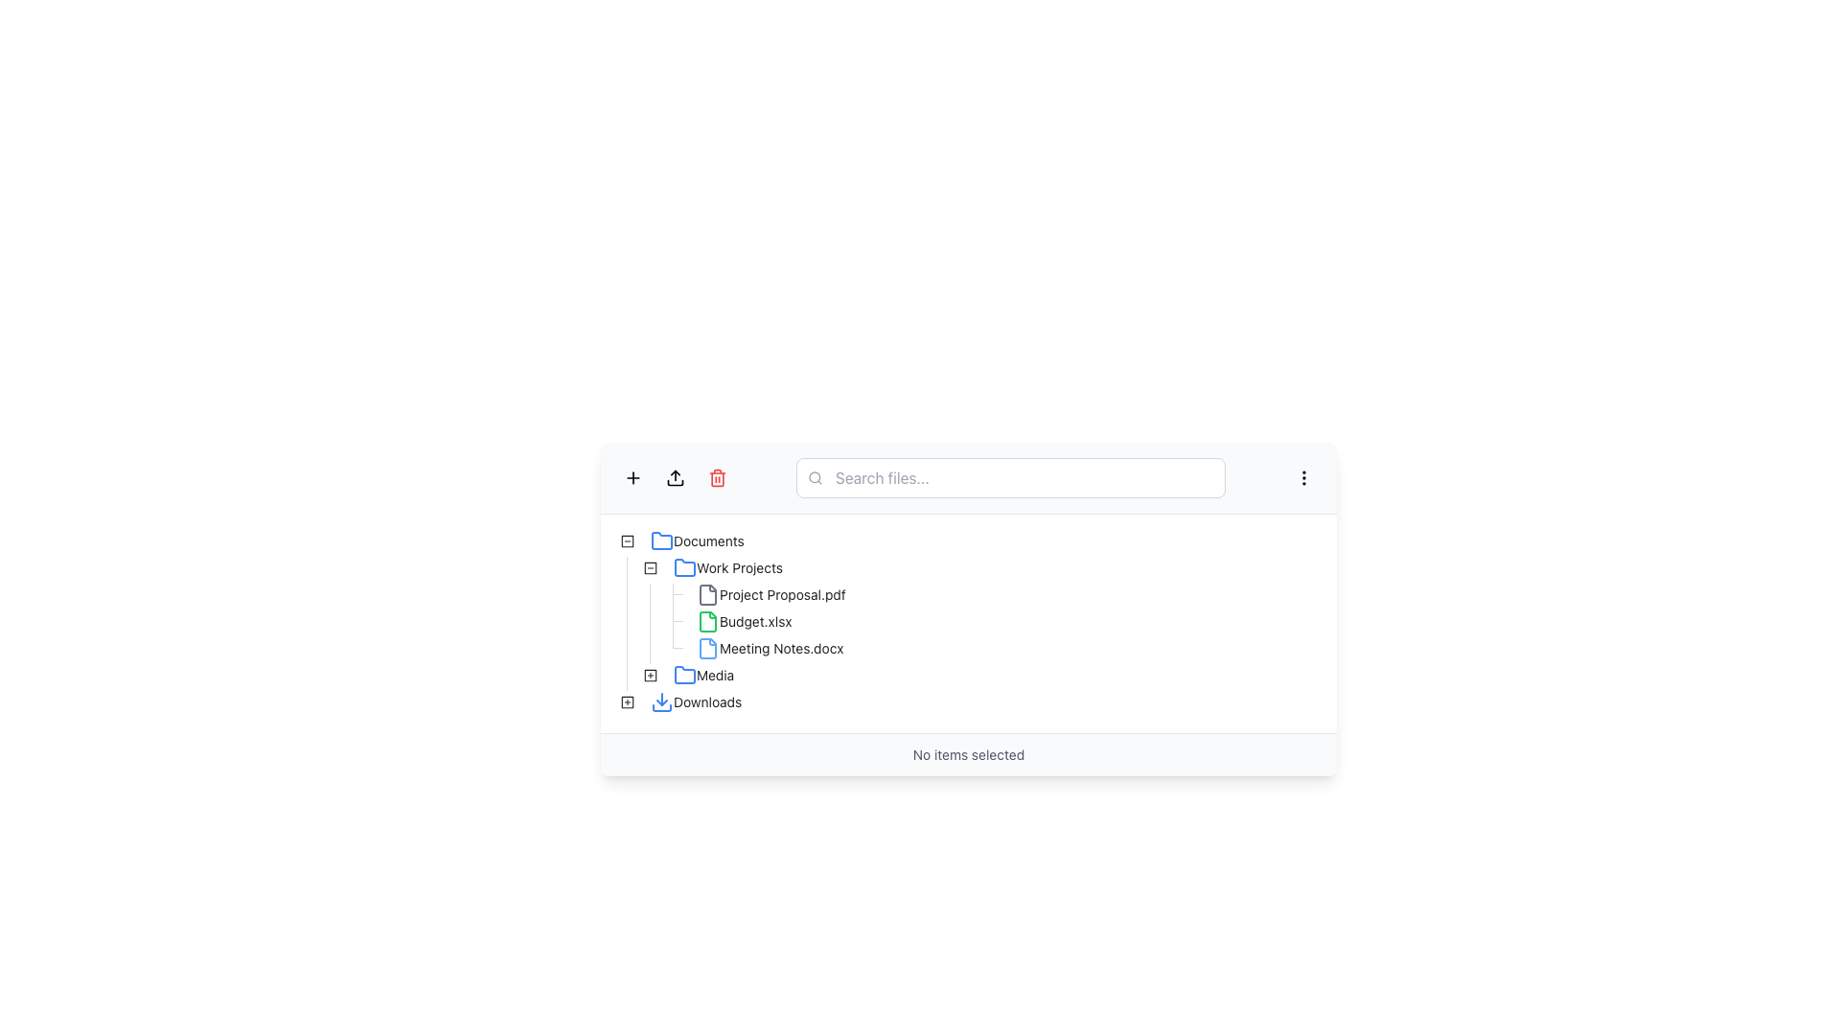  I want to click on the 'Meeting Notes.docx' text label within the tree menu, so click(781, 647).